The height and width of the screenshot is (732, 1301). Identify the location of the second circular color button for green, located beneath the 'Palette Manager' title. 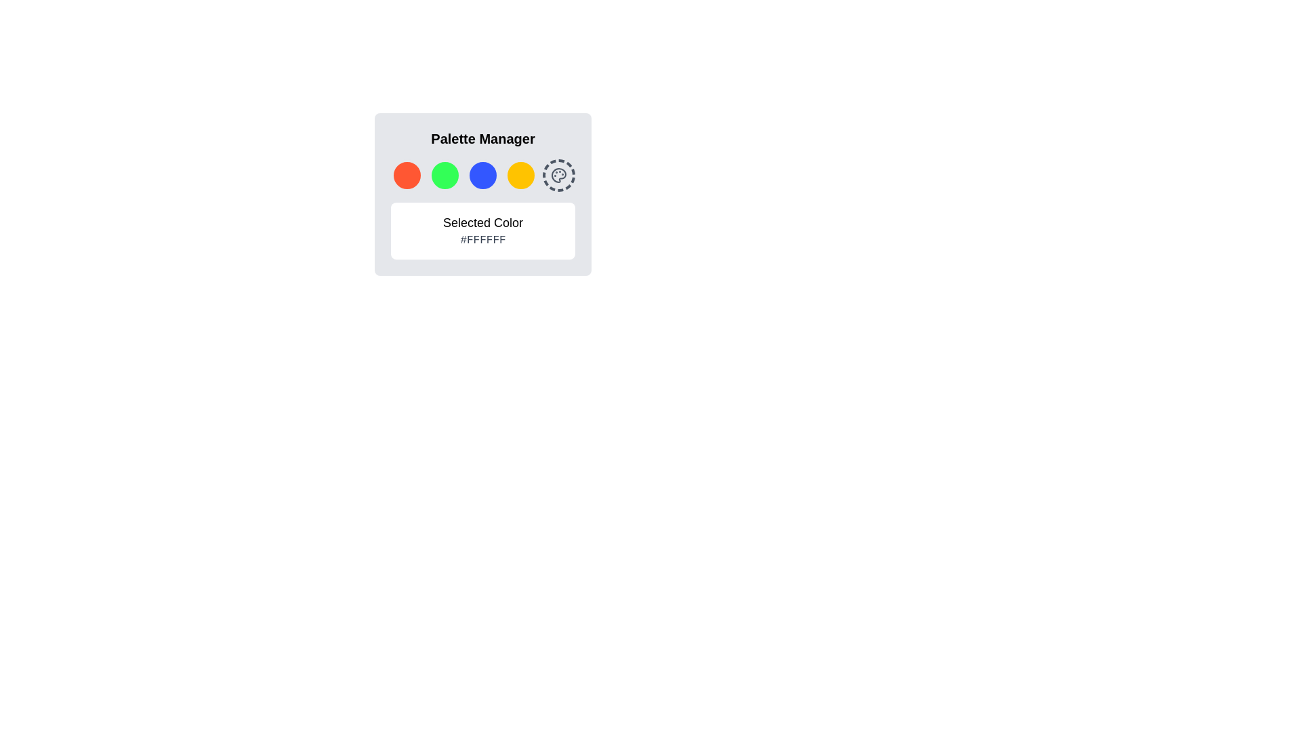
(445, 174).